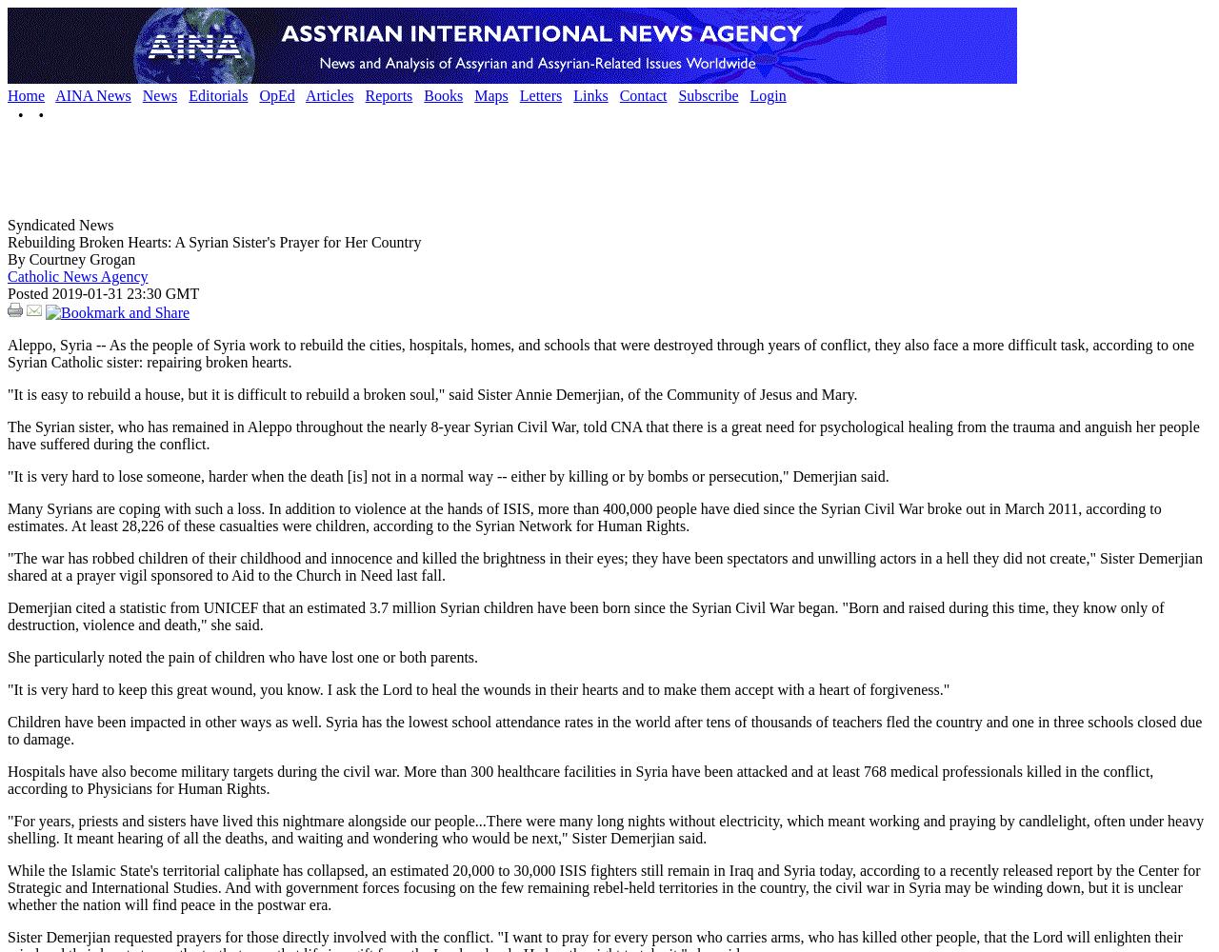  I want to click on 'AINA News', so click(91, 94).